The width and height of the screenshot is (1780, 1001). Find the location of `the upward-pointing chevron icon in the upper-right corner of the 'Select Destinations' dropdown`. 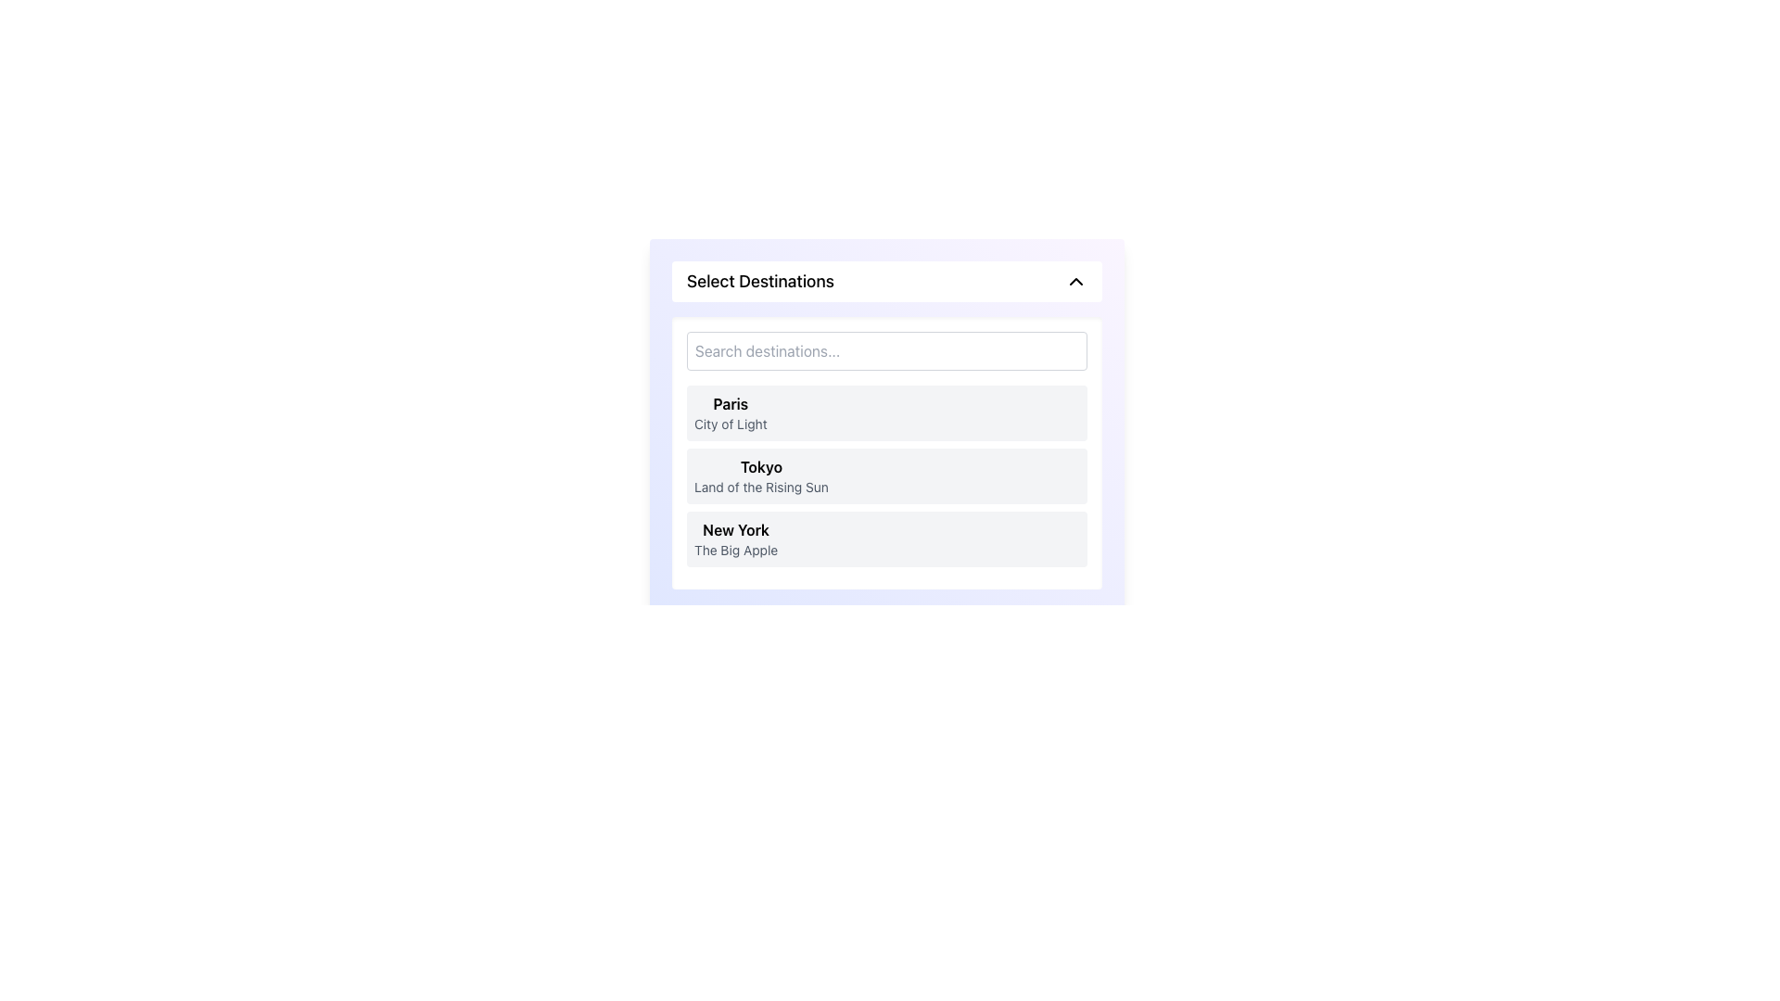

the upward-pointing chevron icon in the upper-right corner of the 'Select Destinations' dropdown is located at coordinates (1076, 282).